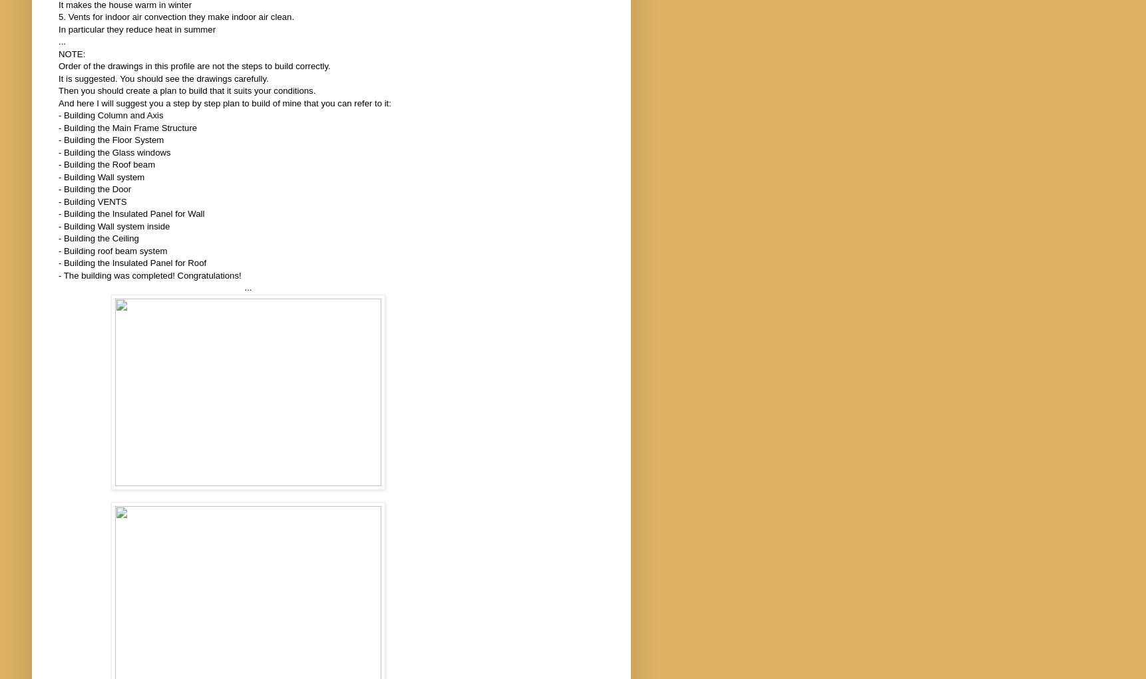  What do you see at coordinates (57, 238) in the screenshot?
I see `'- Building the Ceiling'` at bounding box center [57, 238].